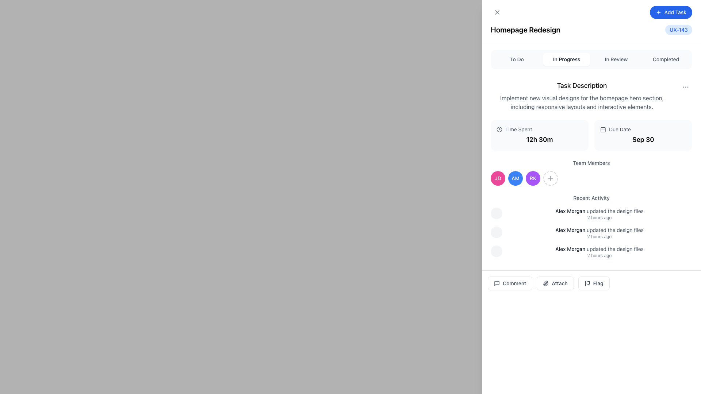 The width and height of the screenshot is (701, 394). Describe the element at coordinates (599, 217) in the screenshot. I see `the text label reading '2 hours ago'` at that location.